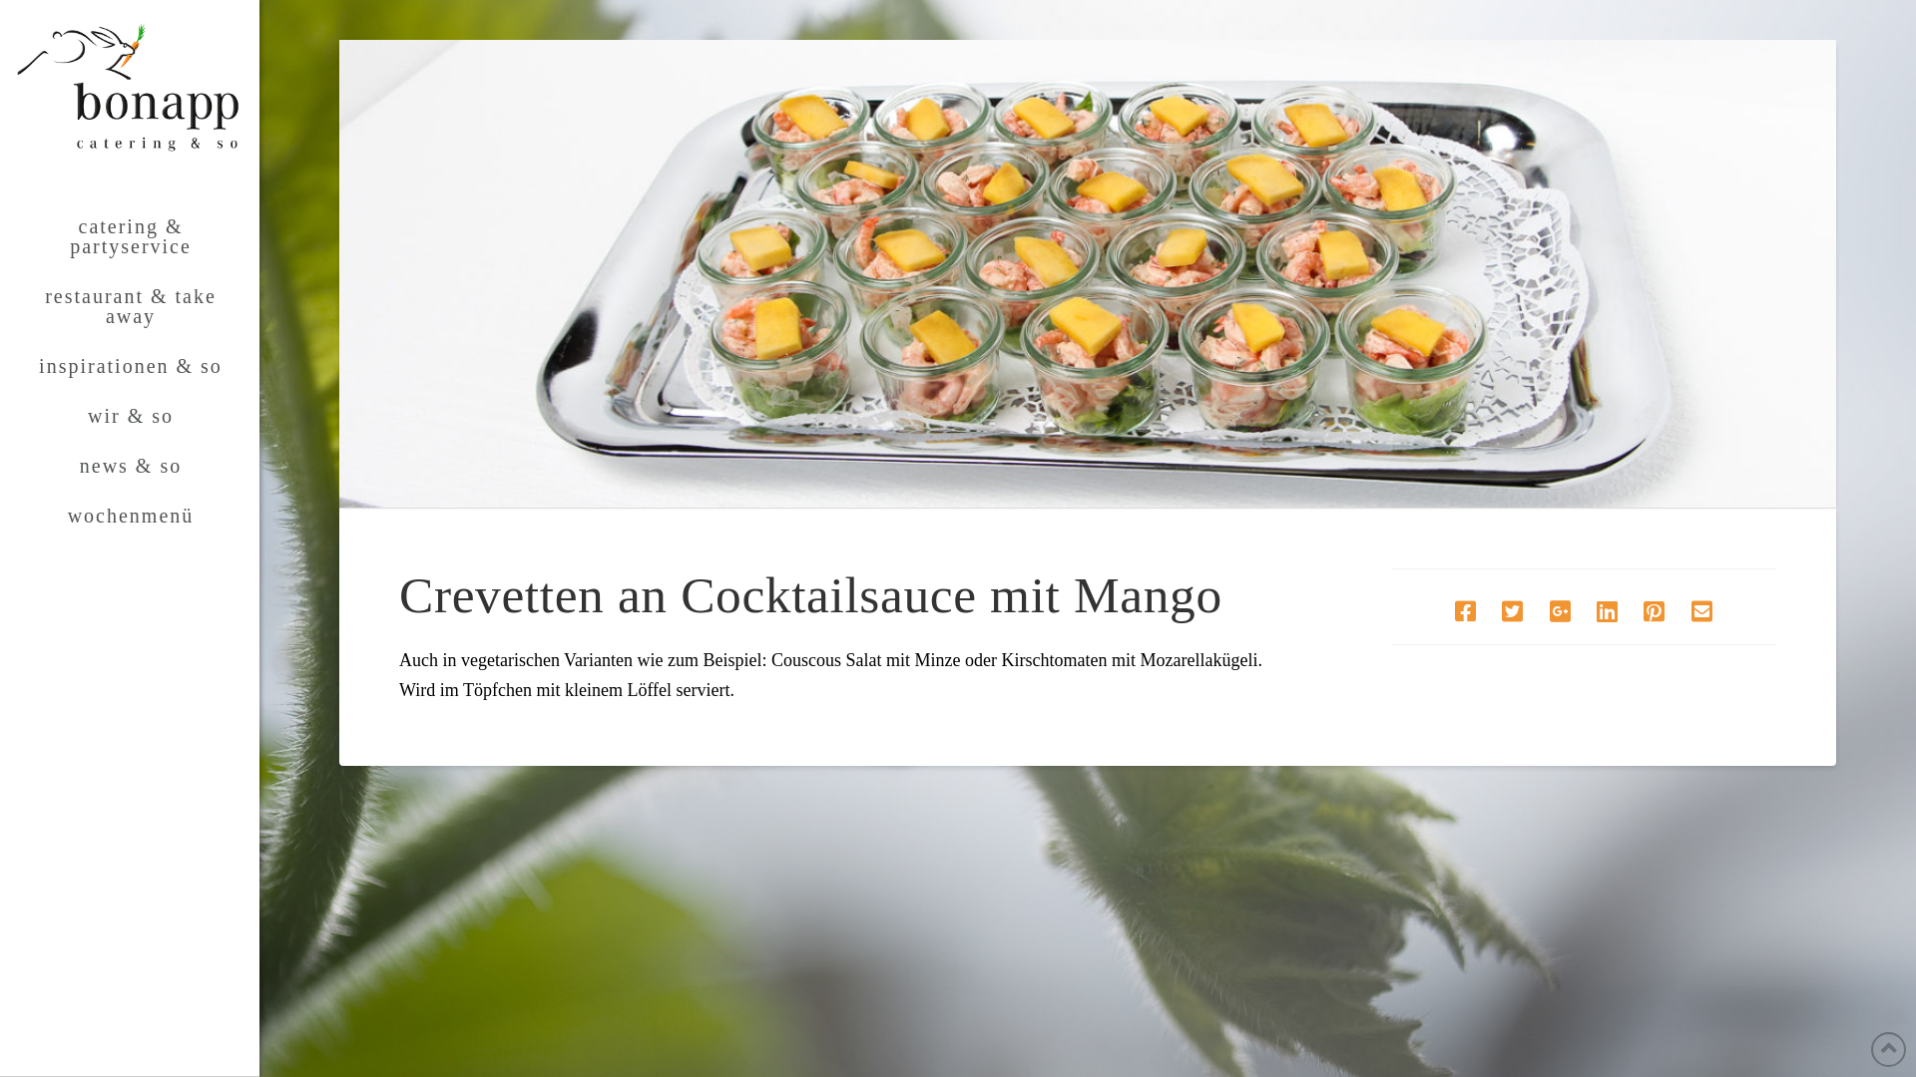 This screenshot has width=1916, height=1077. Describe the element at coordinates (128, 306) in the screenshot. I see `'restaurant & take away'` at that location.